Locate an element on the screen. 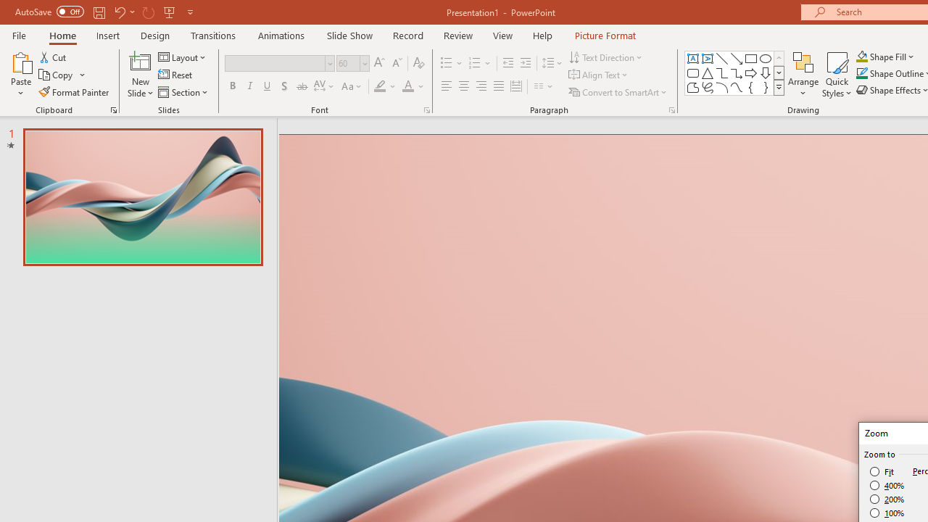 Image resolution: width=928 pixels, height=522 pixels. 'Distributed' is located at coordinates (516, 86).